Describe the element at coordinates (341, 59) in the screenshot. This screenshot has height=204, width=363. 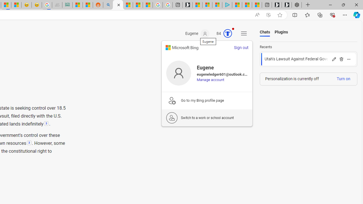
I see `'Delete'` at that location.